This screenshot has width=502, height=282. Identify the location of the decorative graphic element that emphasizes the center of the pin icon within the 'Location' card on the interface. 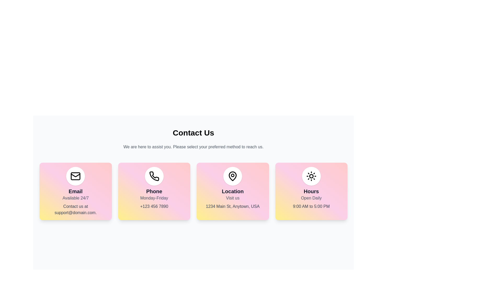
(232, 175).